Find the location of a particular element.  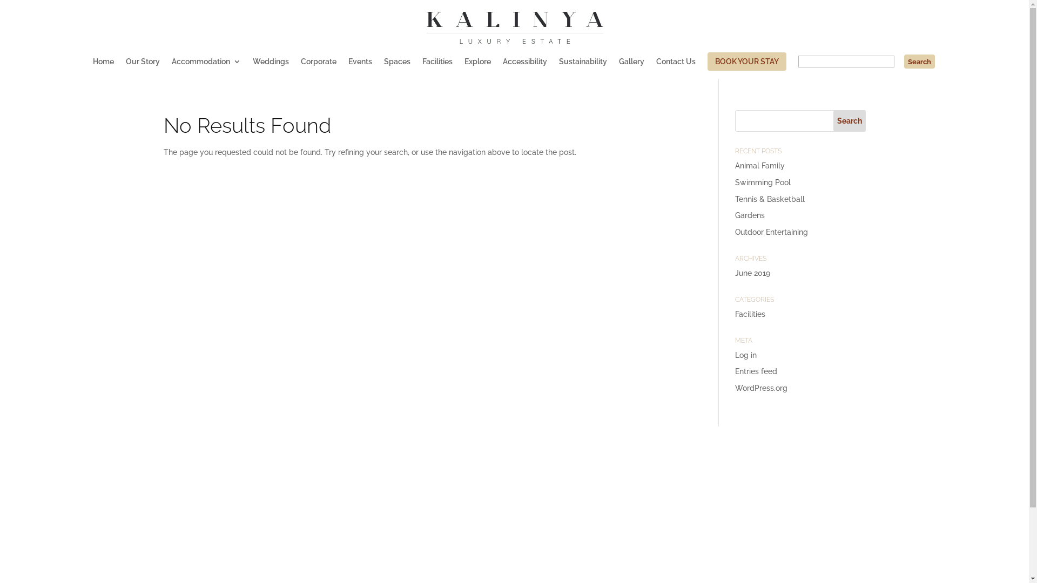

'Accessibility' is located at coordinates (524, 66).